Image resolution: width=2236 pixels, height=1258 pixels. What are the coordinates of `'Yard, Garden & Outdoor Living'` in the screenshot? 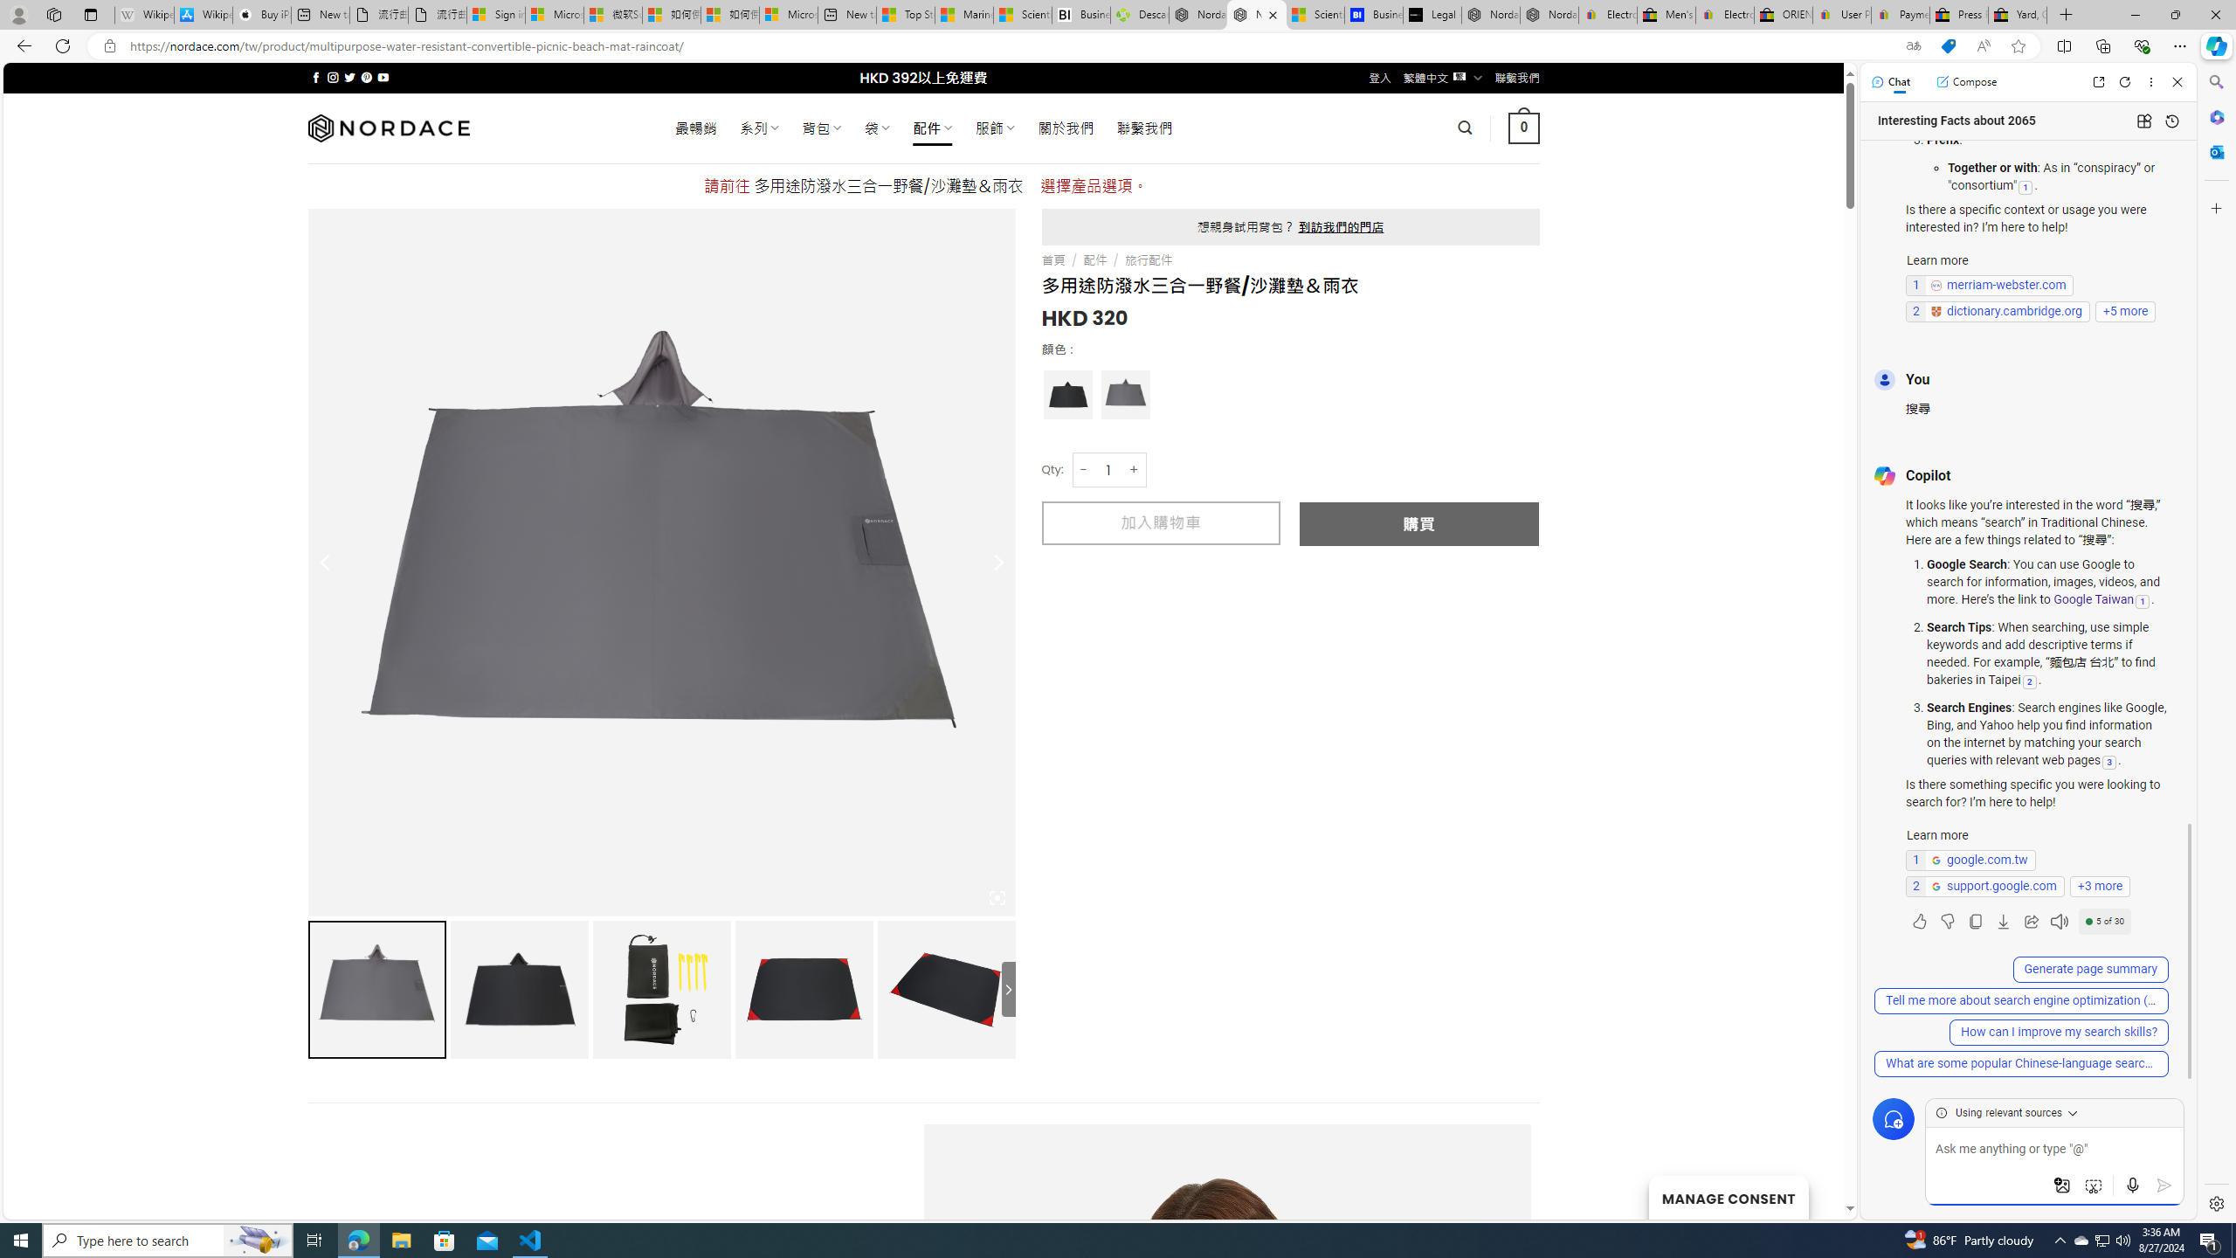 It's located at (2018, 14).